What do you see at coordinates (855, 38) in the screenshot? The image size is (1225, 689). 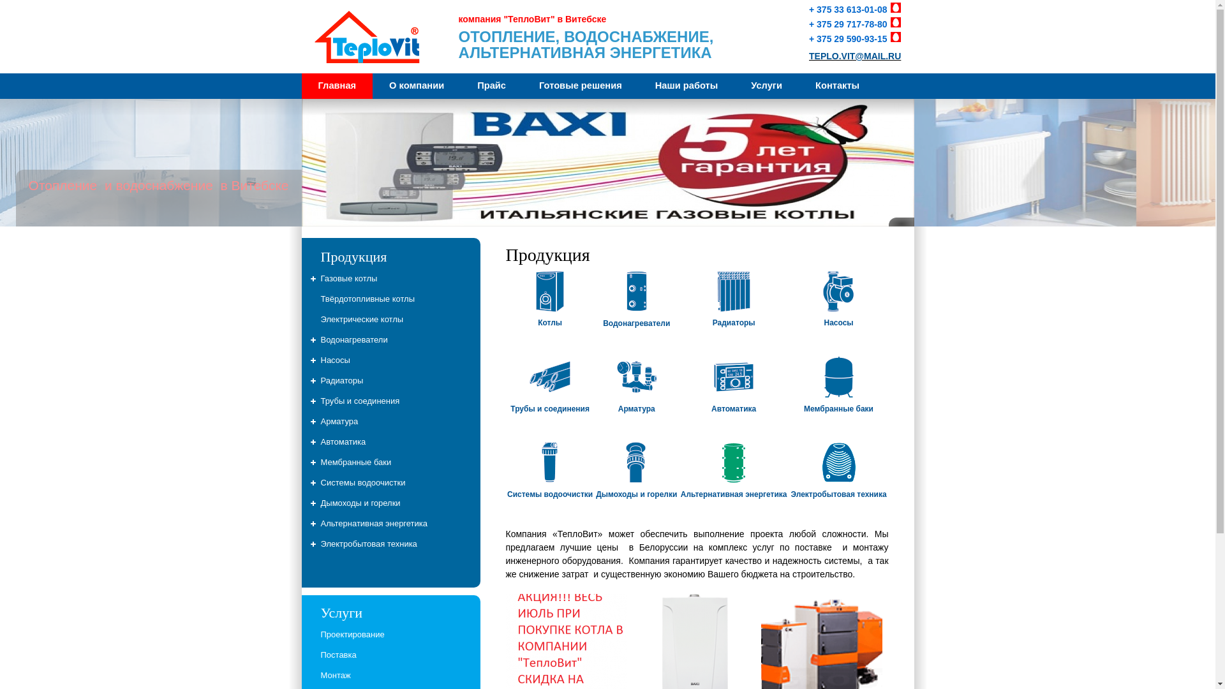 I see `'+ 375 29 590-93-15 '` at bounding box center [855, 38].